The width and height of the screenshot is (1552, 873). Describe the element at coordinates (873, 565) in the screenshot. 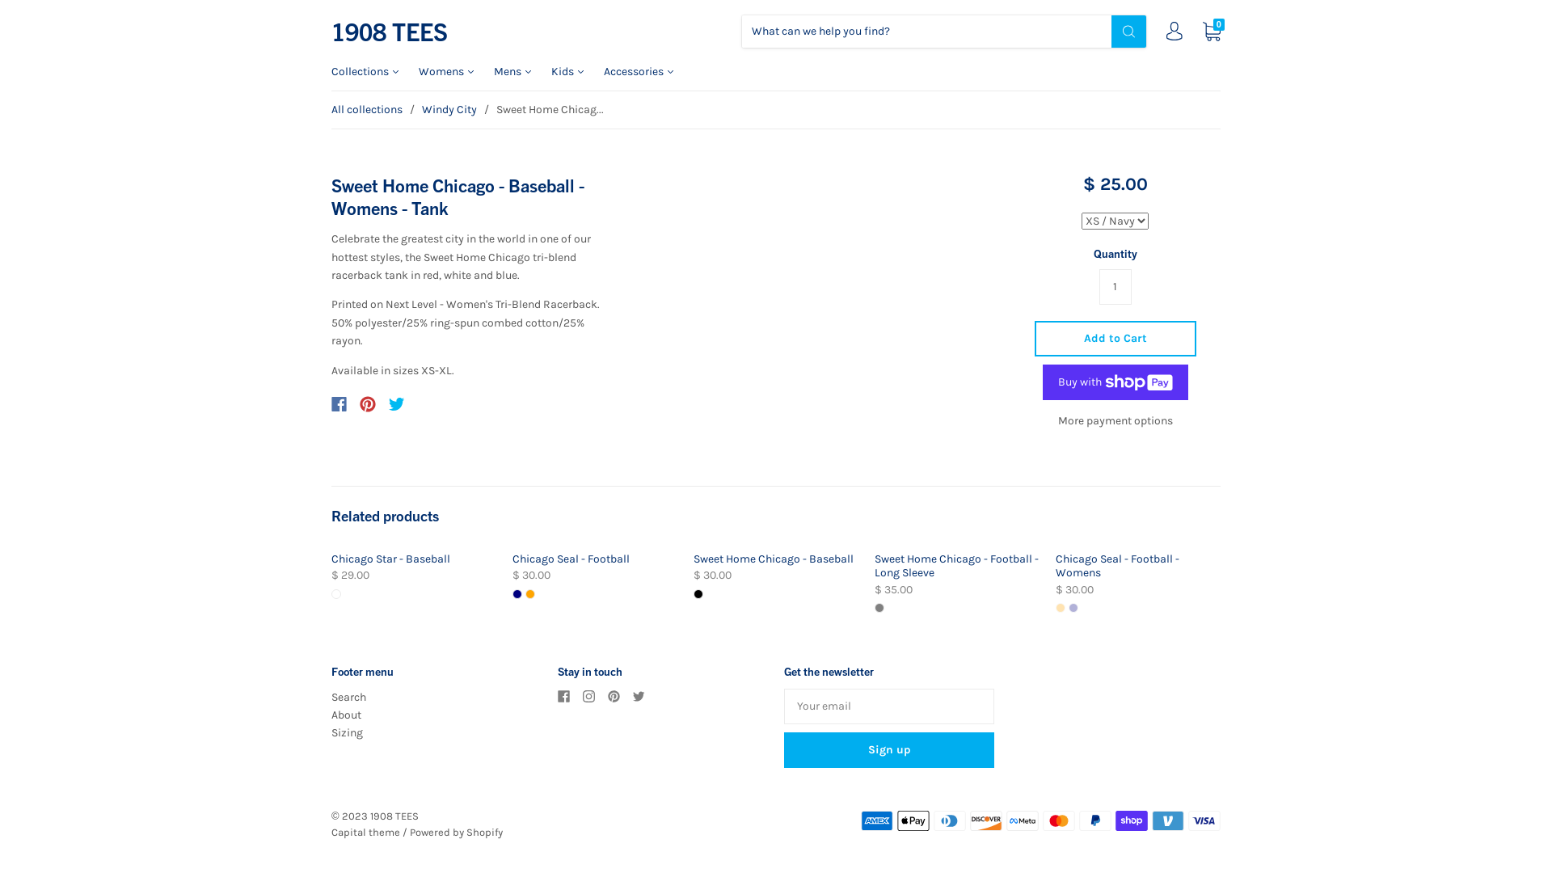

I see `'Sweet Home Chicago - Football - Long Sleeve'` at that location.